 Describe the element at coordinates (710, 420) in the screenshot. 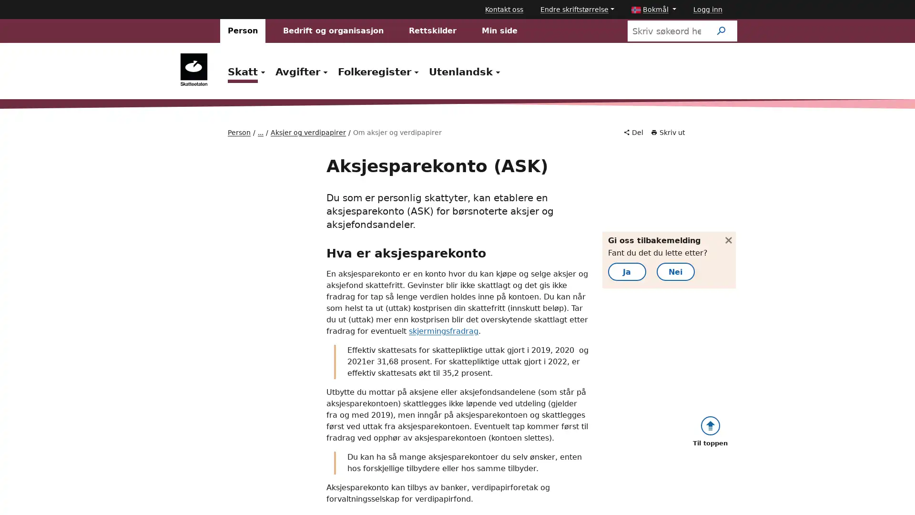

I see `Til toppen` at that location.